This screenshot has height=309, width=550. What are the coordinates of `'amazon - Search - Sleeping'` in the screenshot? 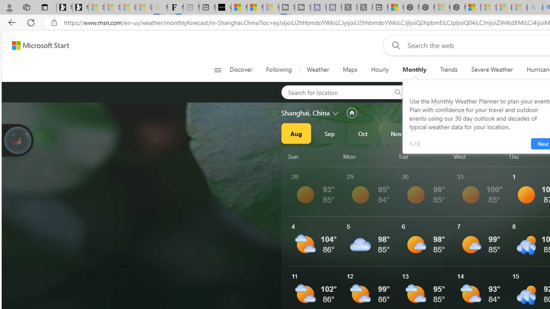 It's located at (535, 7).